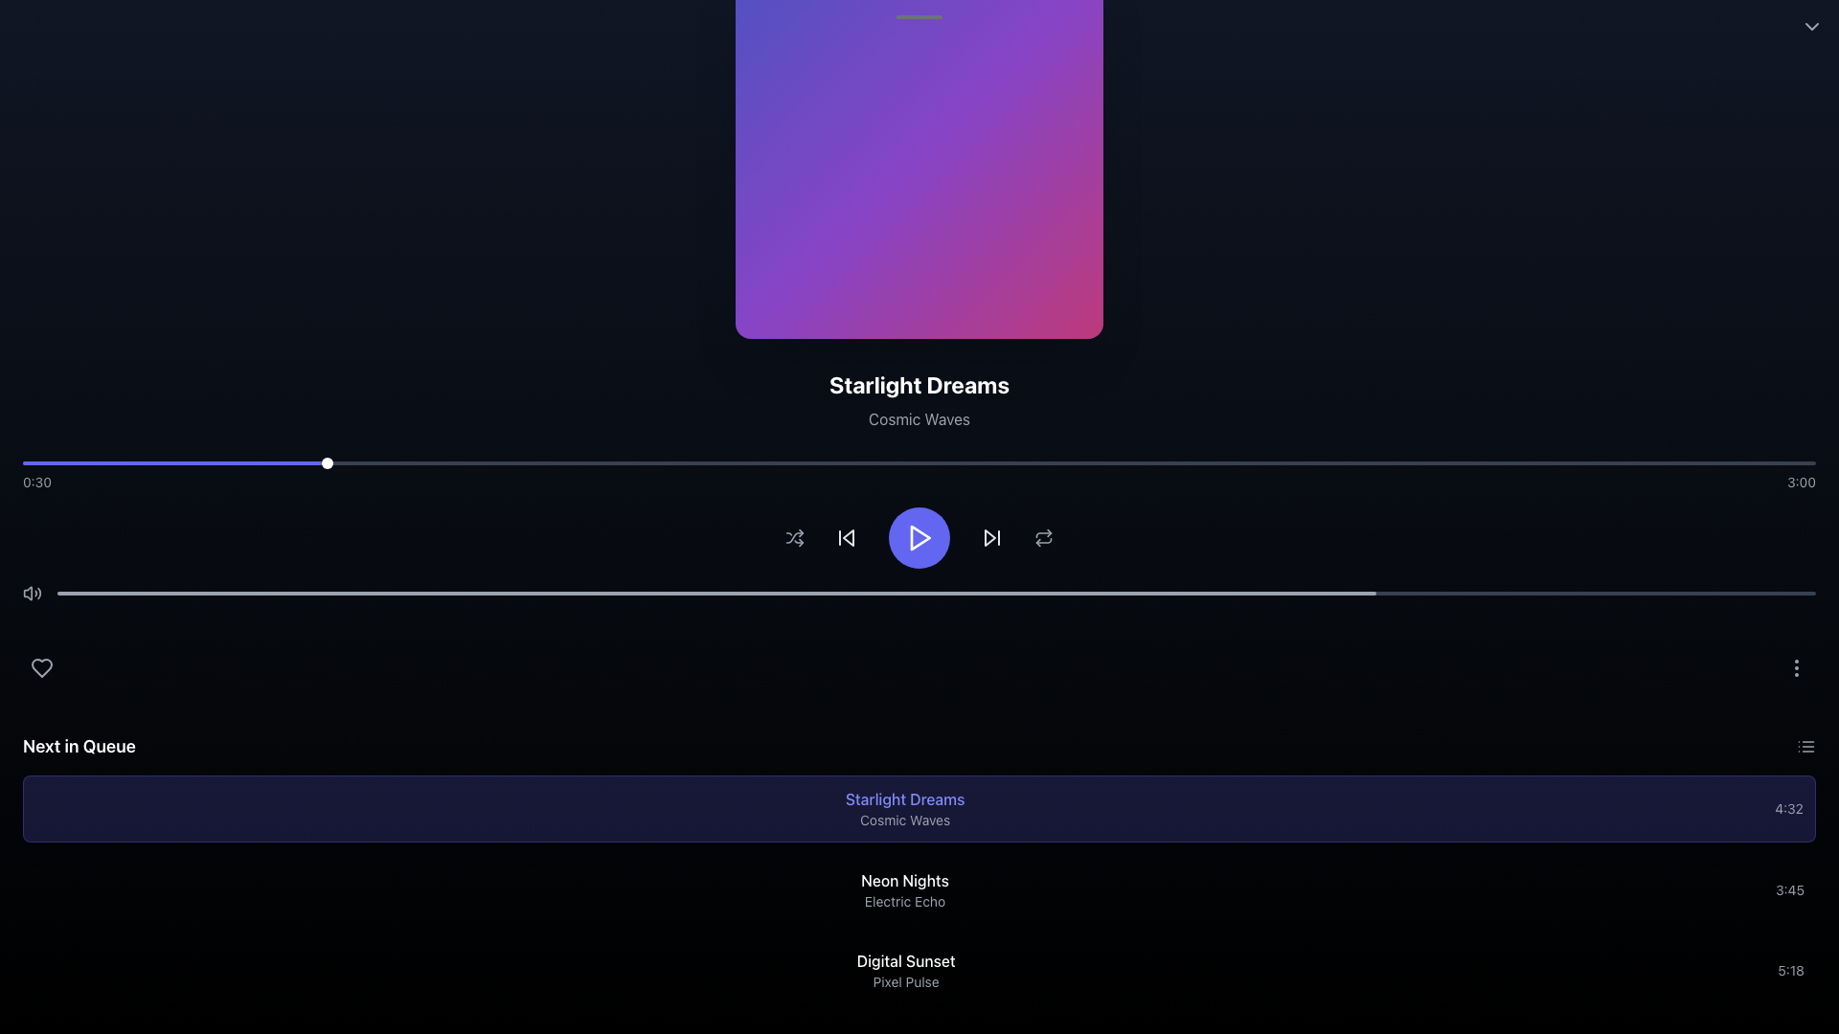 This screenshot has width=1839, height=1034. What do you see at coordinates (937, 593) in the screenshot?
I see `the Progress bar background located at the bottom of the top section of the interface to interact with its associated functionality` at bounding box center [937, 593].